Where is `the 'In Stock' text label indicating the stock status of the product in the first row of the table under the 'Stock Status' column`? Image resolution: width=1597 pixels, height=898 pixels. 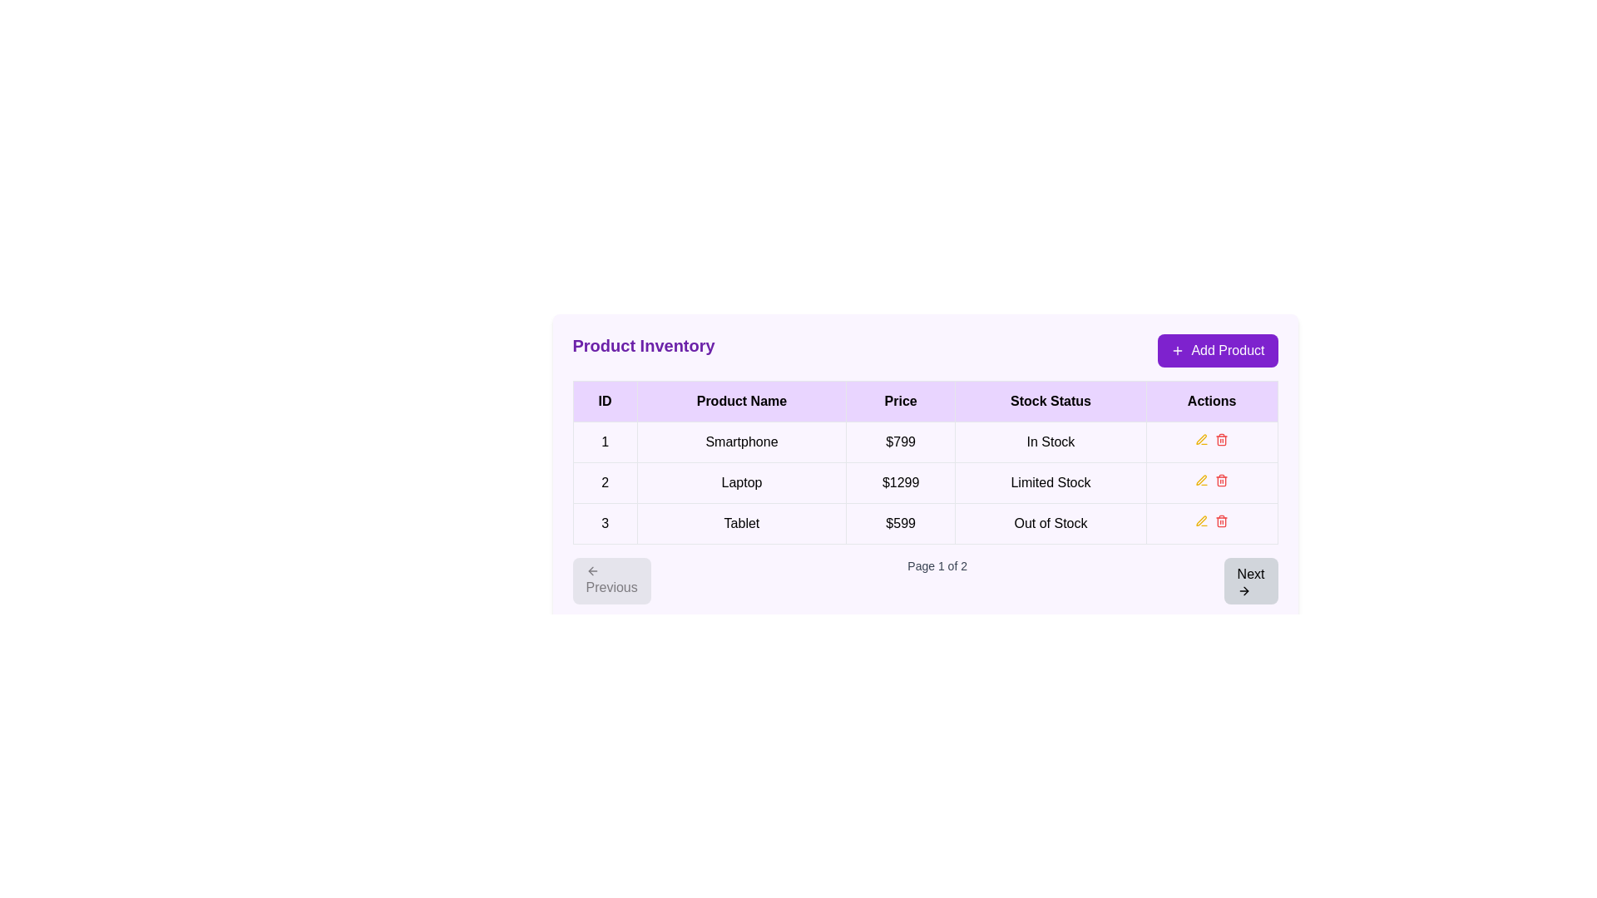 the 'In Stock' text label indicating the stock status of the product in the first row of the table under the 'Stock Status' column is located at coordinates (1050, 442).